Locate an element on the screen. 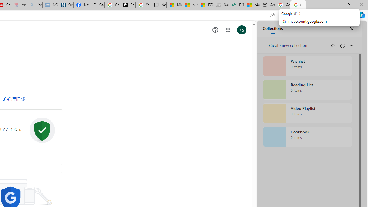  'Google Analytics Opt-out Browser Add-on Download Page' is located at coordinates (97, 5).